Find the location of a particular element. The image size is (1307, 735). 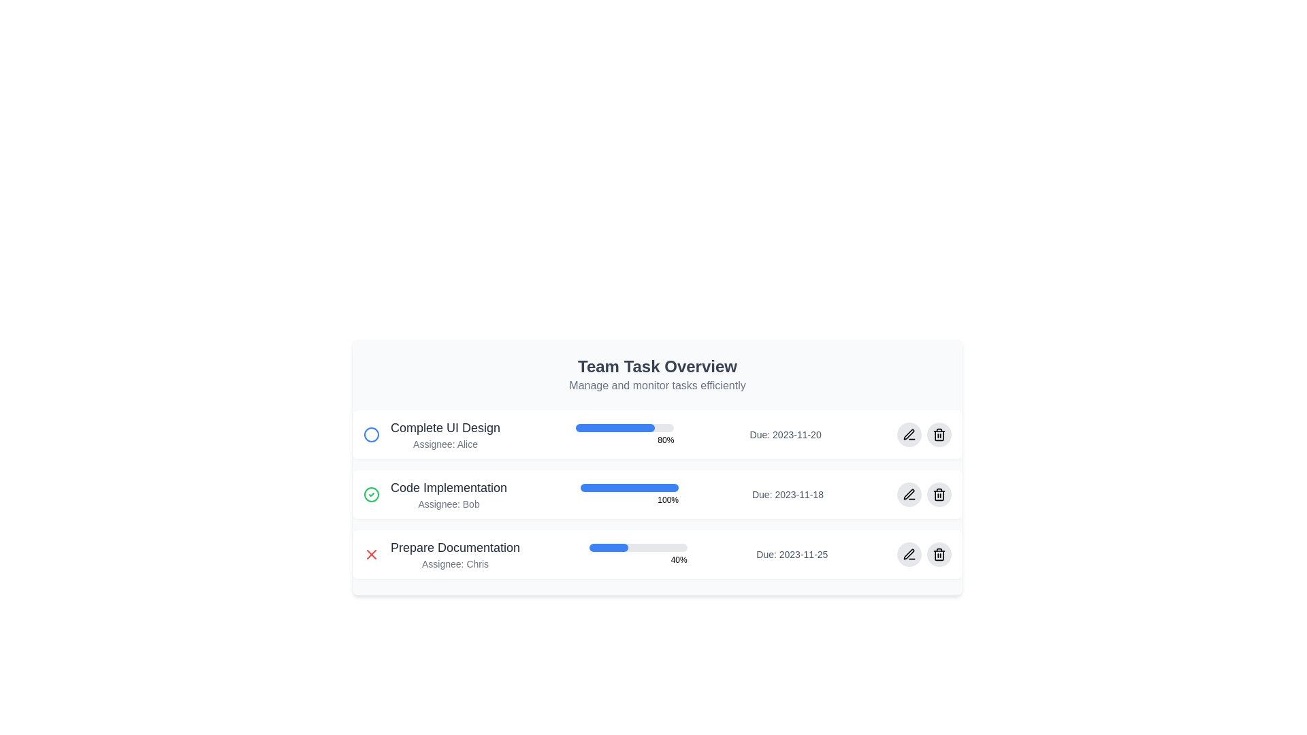

the circular button with a gray background and pen icon, located to the right of the delete button is located at coordinates (909, 494).